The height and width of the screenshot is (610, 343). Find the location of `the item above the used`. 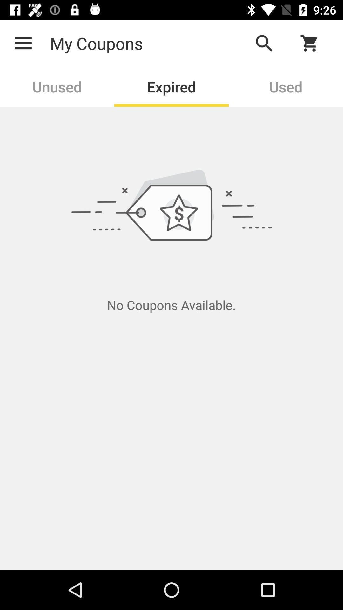

the item above the used is located at coordinates (313, 43).